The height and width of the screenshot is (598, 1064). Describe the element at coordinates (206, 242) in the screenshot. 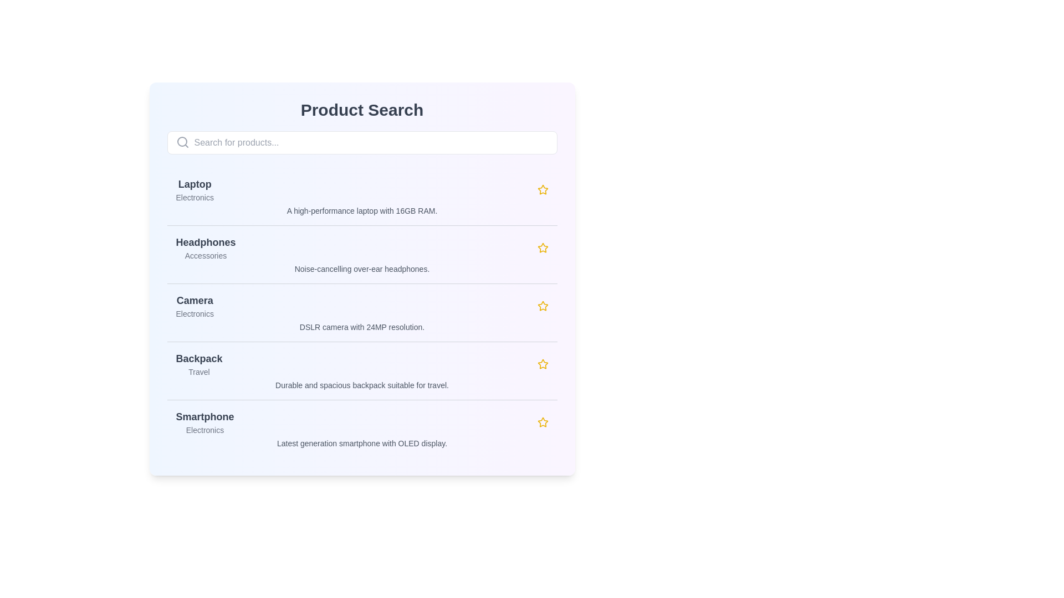

I see `text label displaying 'Headphones', which is styled in a bold and larger font size, positioned slightly below the top center of the list within the 'HeadphonesAccessories' group` at that location.